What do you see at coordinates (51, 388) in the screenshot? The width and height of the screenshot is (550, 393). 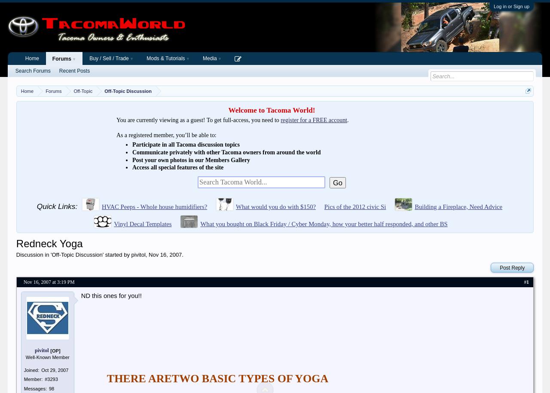 I see `'98'` at bounding box center [51, 388].